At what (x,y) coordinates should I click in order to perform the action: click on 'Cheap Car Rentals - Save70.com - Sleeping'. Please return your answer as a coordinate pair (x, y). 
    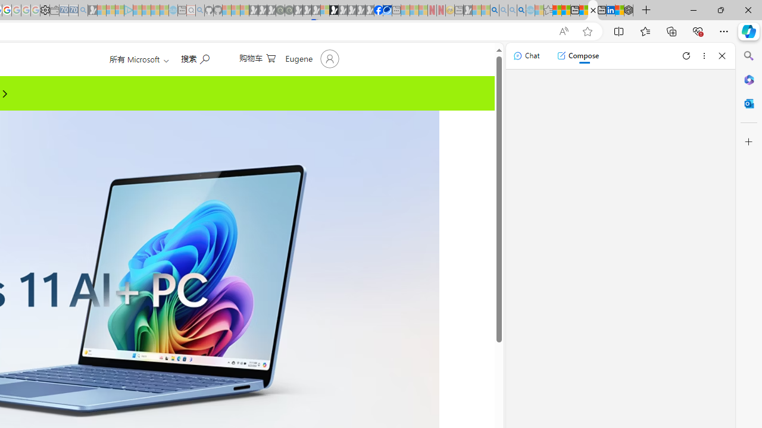
    Looking at the image, I should click on (73, 10).